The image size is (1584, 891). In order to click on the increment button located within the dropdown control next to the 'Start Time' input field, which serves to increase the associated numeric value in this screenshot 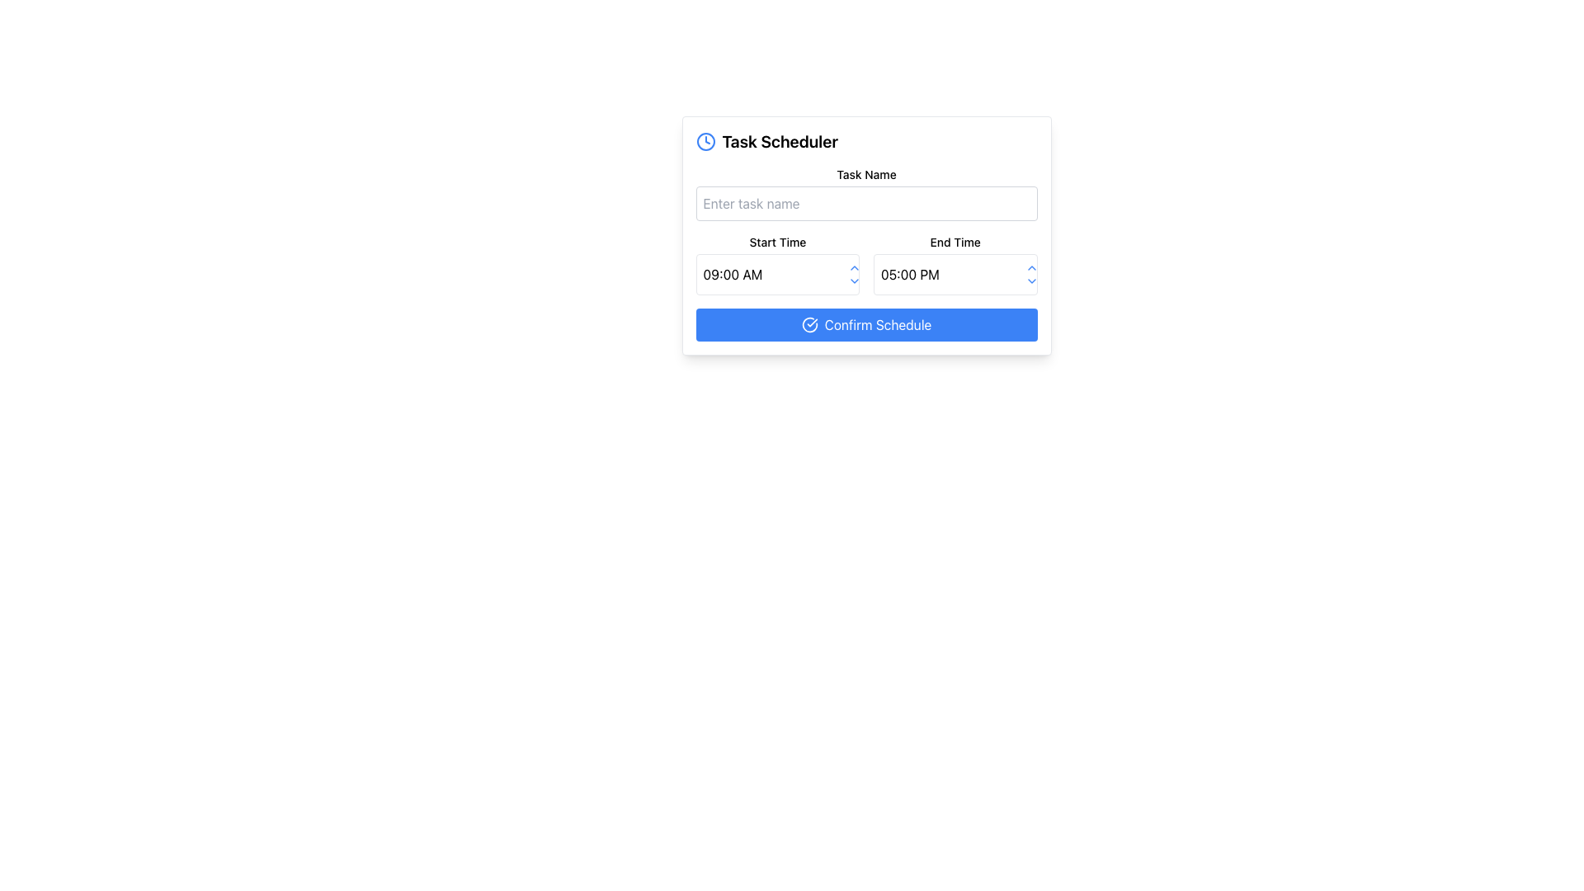, I will do `click(854, 266)`.